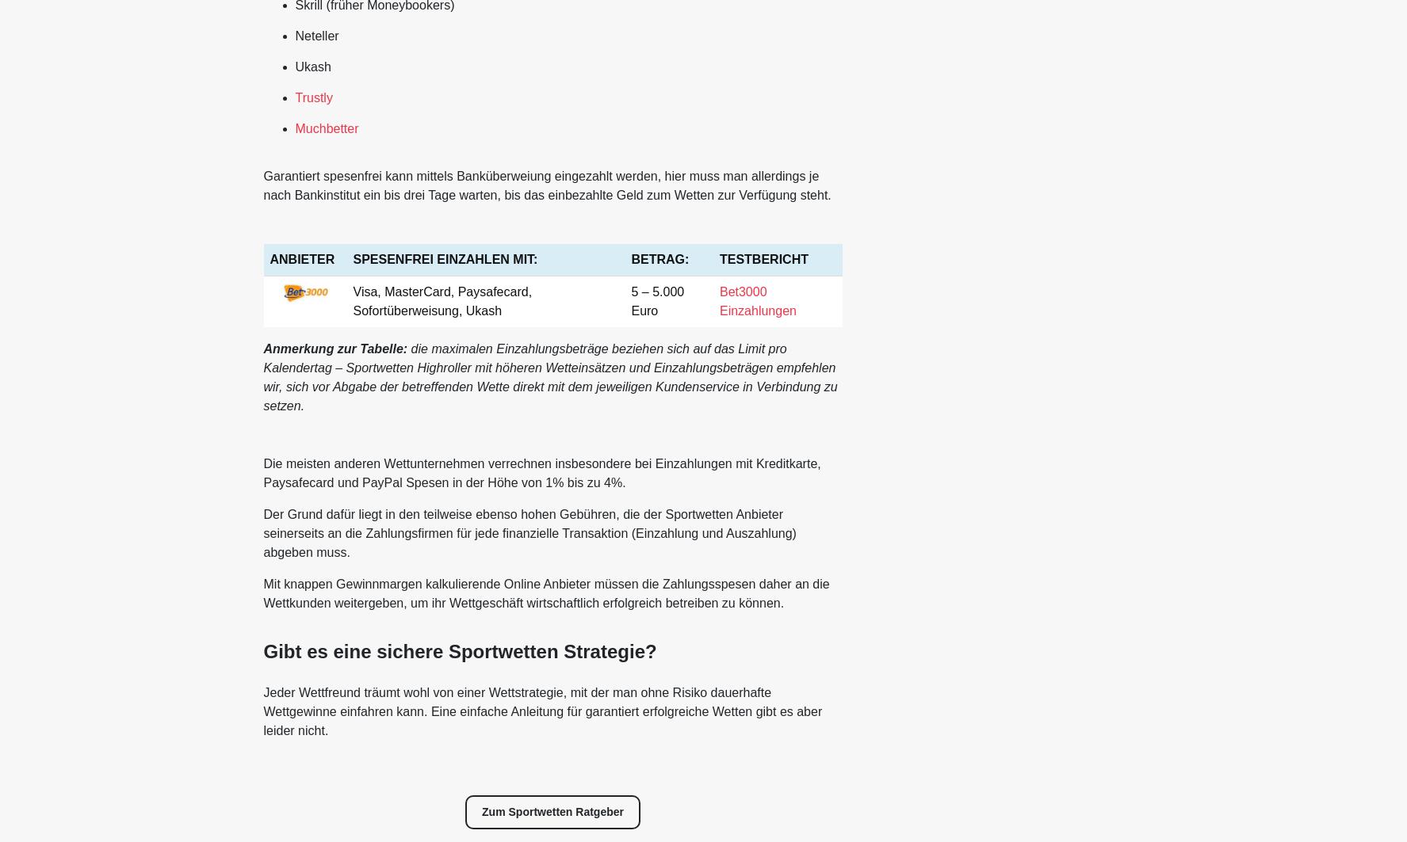 Image resolution: width=1407 pixels, height=842 pixels. I want to click on 'ANBIETER', so click(268, 258).